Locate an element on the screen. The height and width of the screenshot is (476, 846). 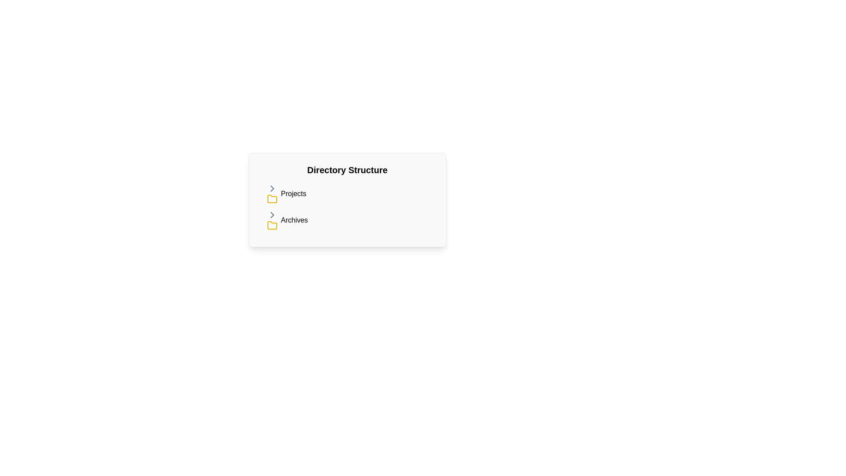
the 'Projects' text label which indicates the name of the folder next to the yellow folder icon is located at coordinates (293, 193).